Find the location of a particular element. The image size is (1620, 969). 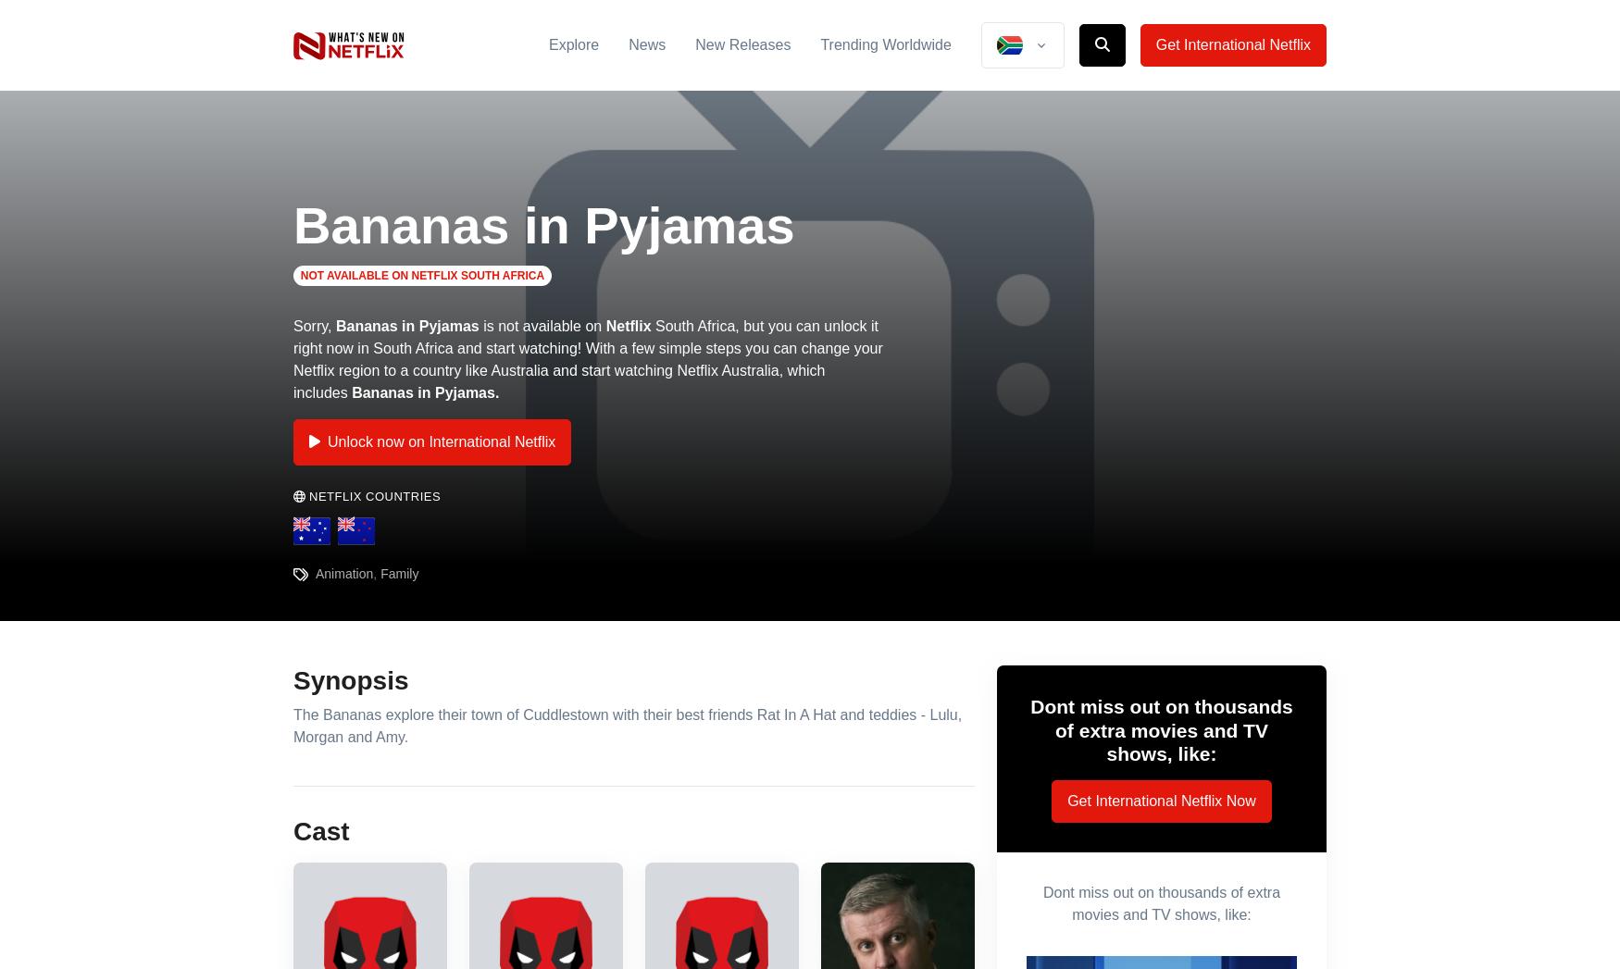

'The Elephant' is located at coordinates (609, 166).